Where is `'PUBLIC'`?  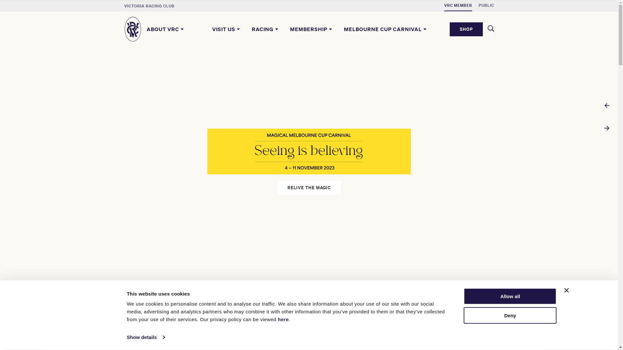 'PUBLIC' is located at coordinates (478, 6).